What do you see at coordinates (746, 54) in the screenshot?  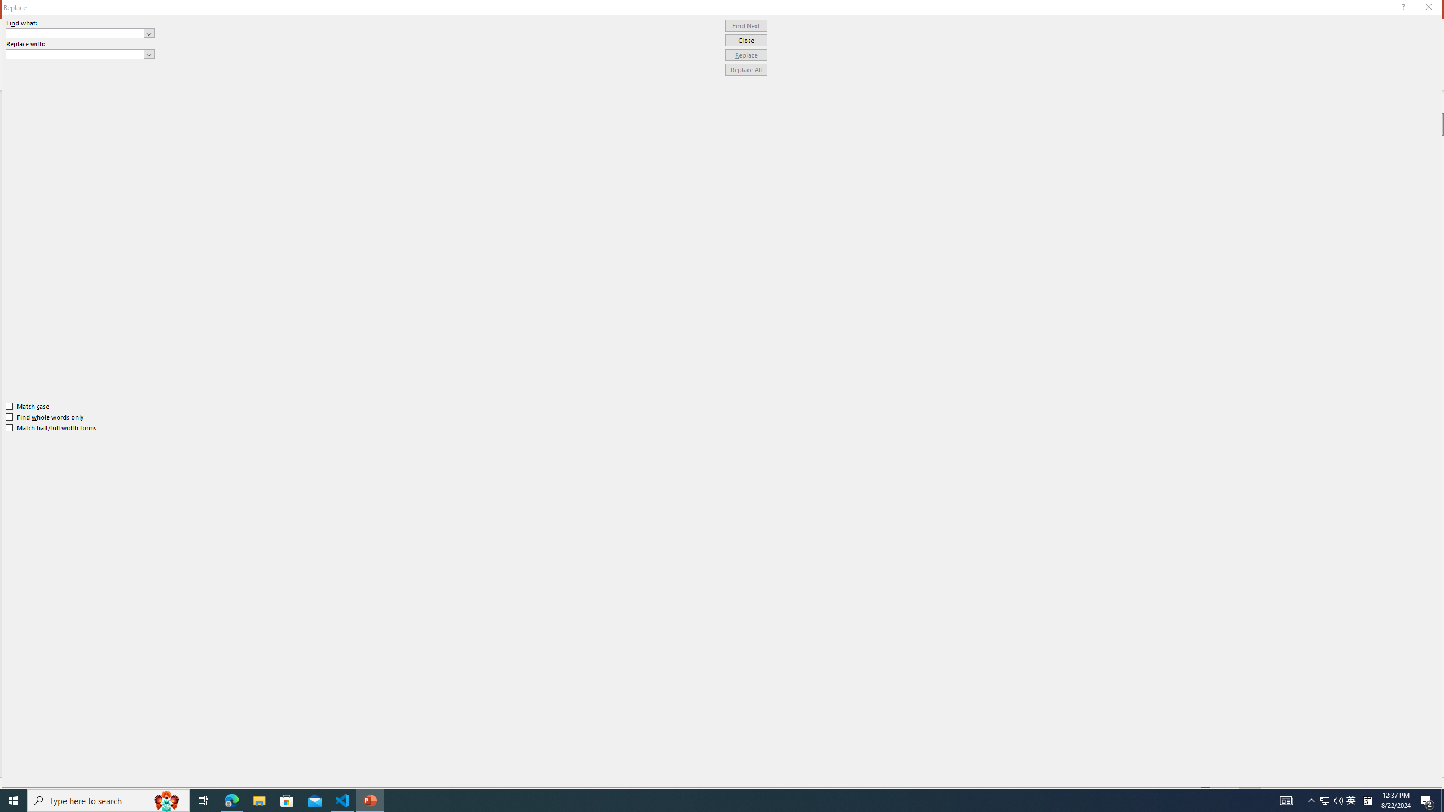 I see `'Replace'` at bounding box center [746, 54].